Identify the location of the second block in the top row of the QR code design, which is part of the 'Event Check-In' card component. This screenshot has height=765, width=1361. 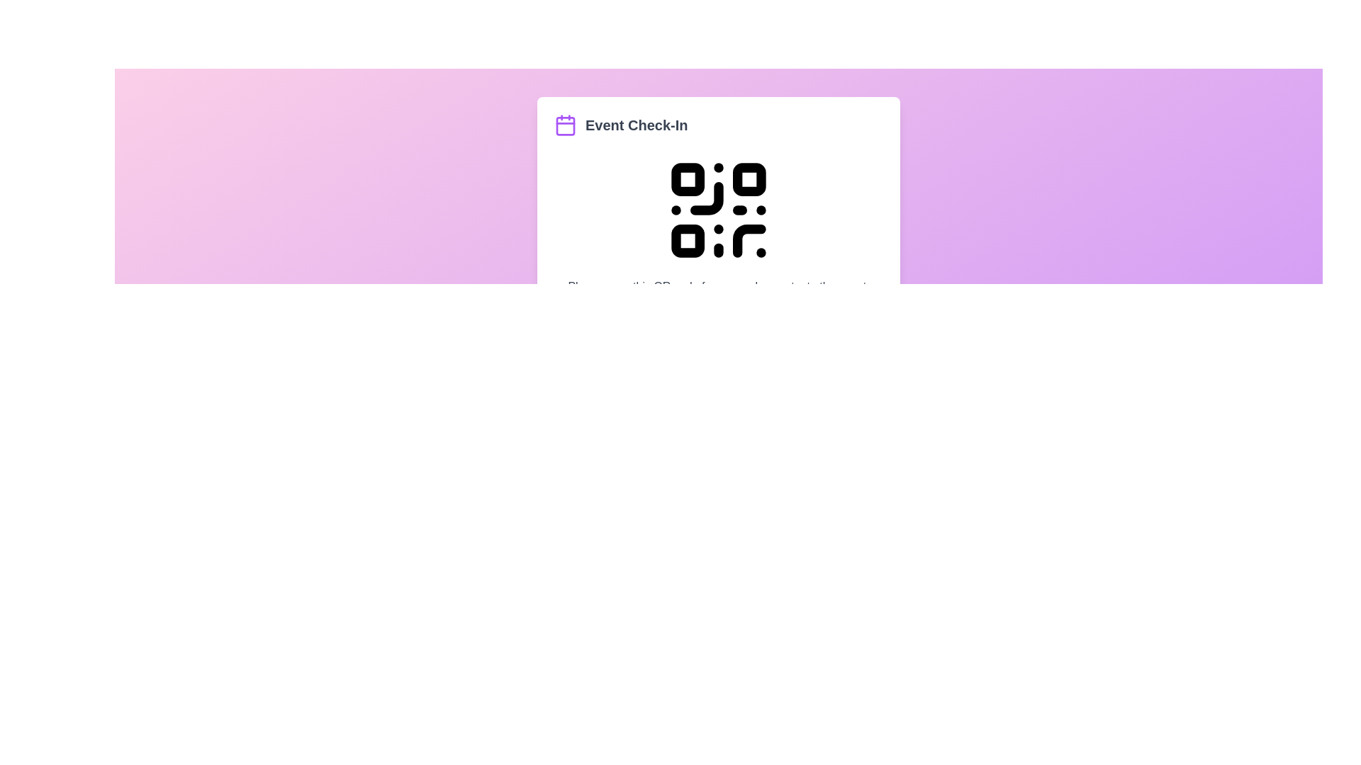
(749, 178).